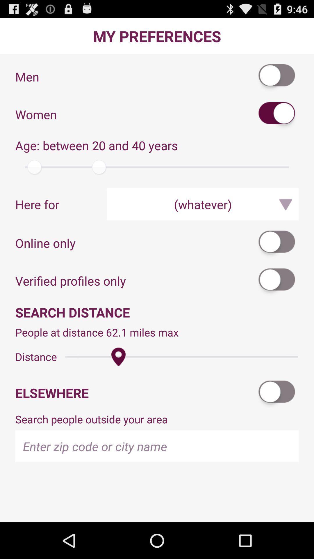  What do you see at coordinates (277, 243) in the screenshot?
I see `online only mode` at bounding box center [277, 243].